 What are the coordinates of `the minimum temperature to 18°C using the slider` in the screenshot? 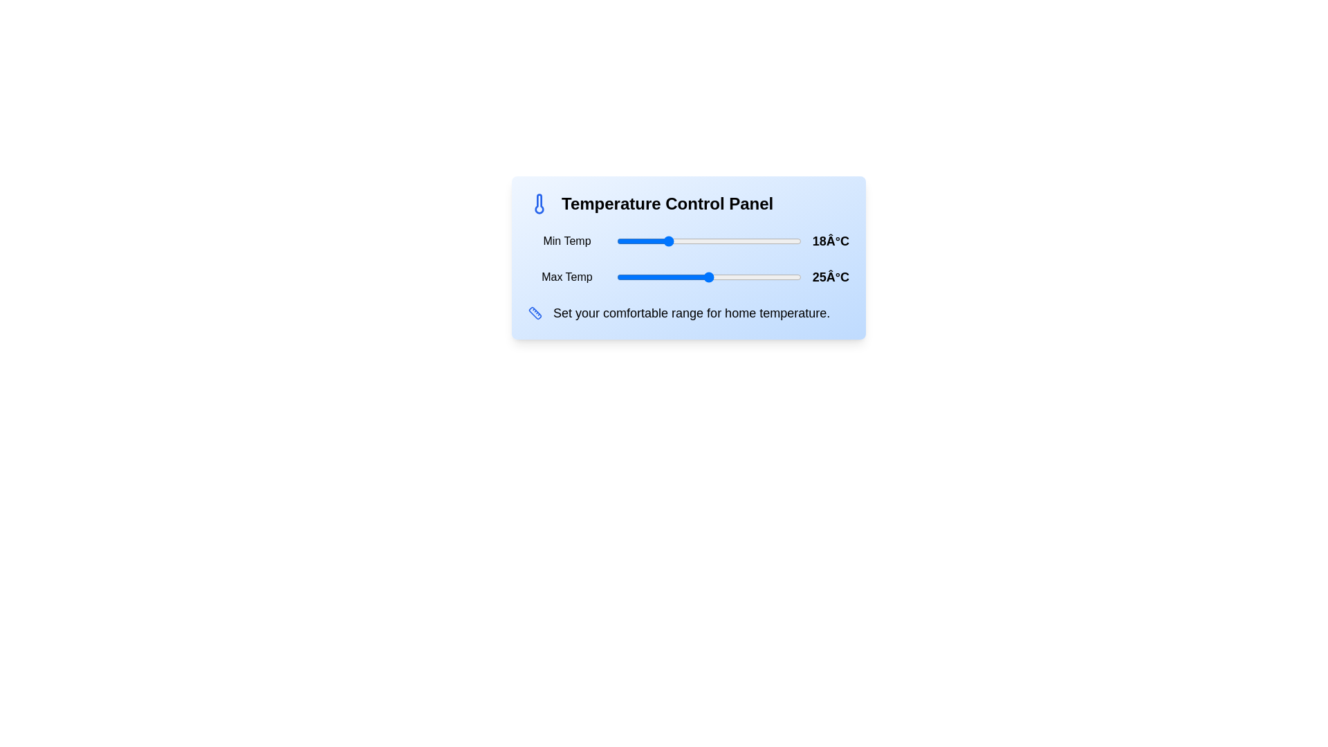 It's located at (665, 240).